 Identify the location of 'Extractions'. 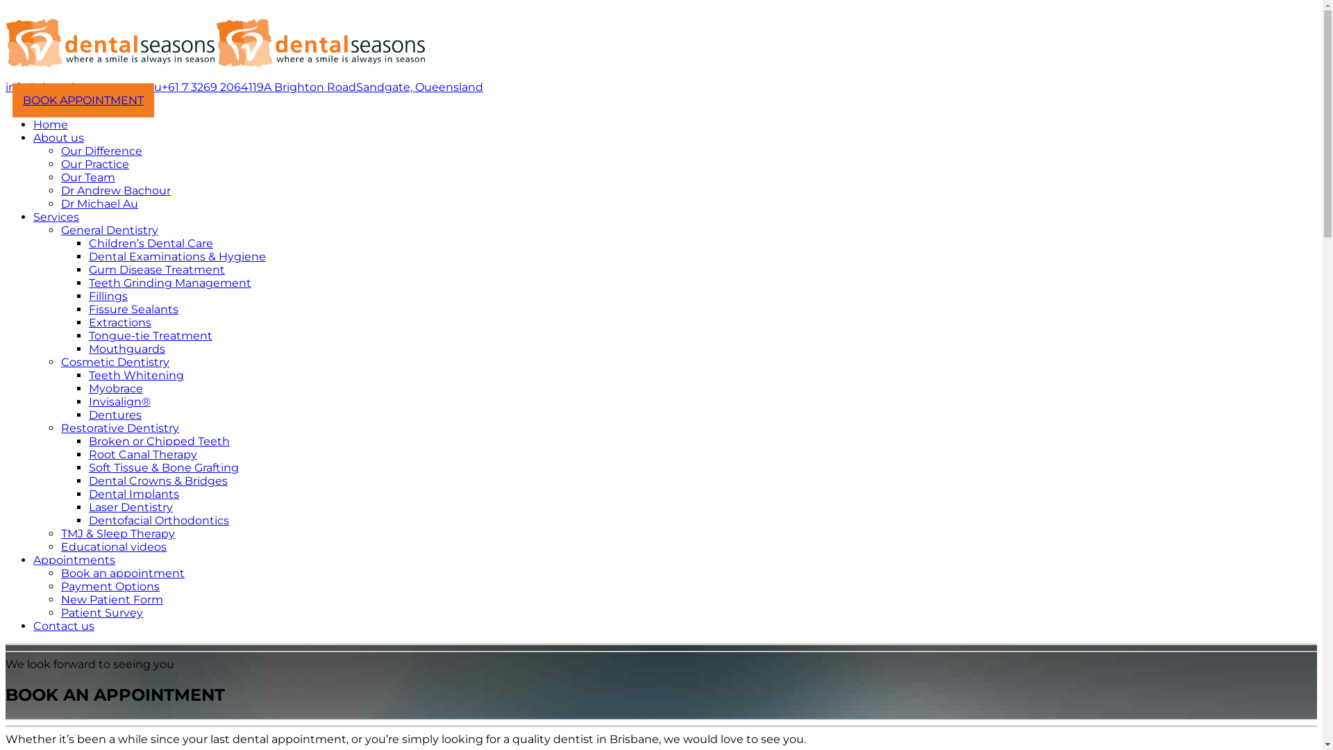
(119, 322).